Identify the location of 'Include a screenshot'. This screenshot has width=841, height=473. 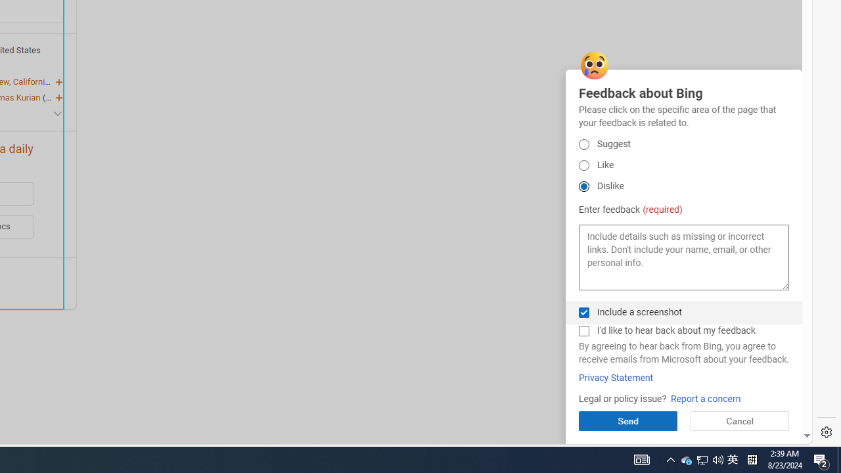
(583, 312).